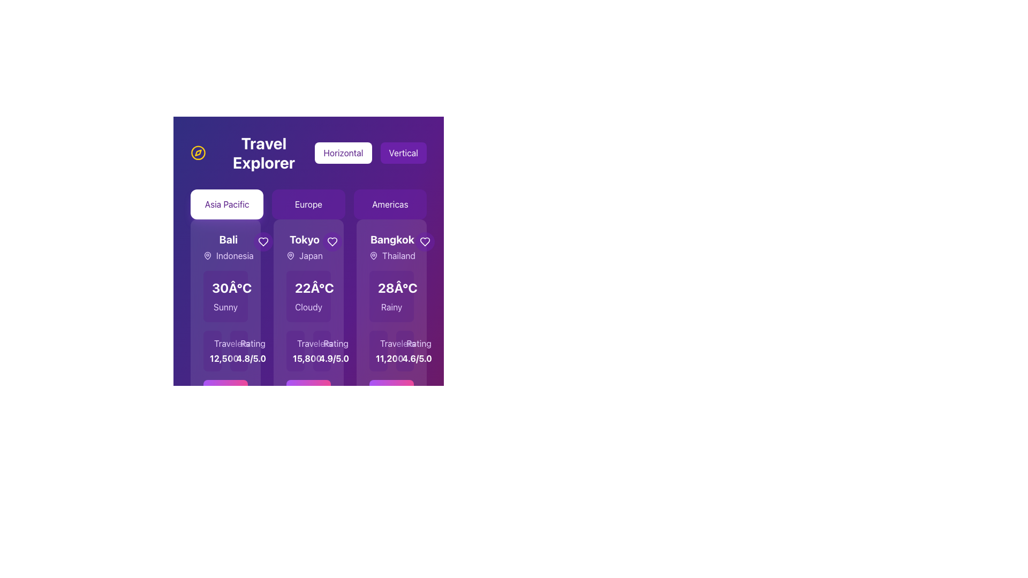  I want to click on the 'Americas' button in the 'Travel Explorer' section, so click(389, 204).